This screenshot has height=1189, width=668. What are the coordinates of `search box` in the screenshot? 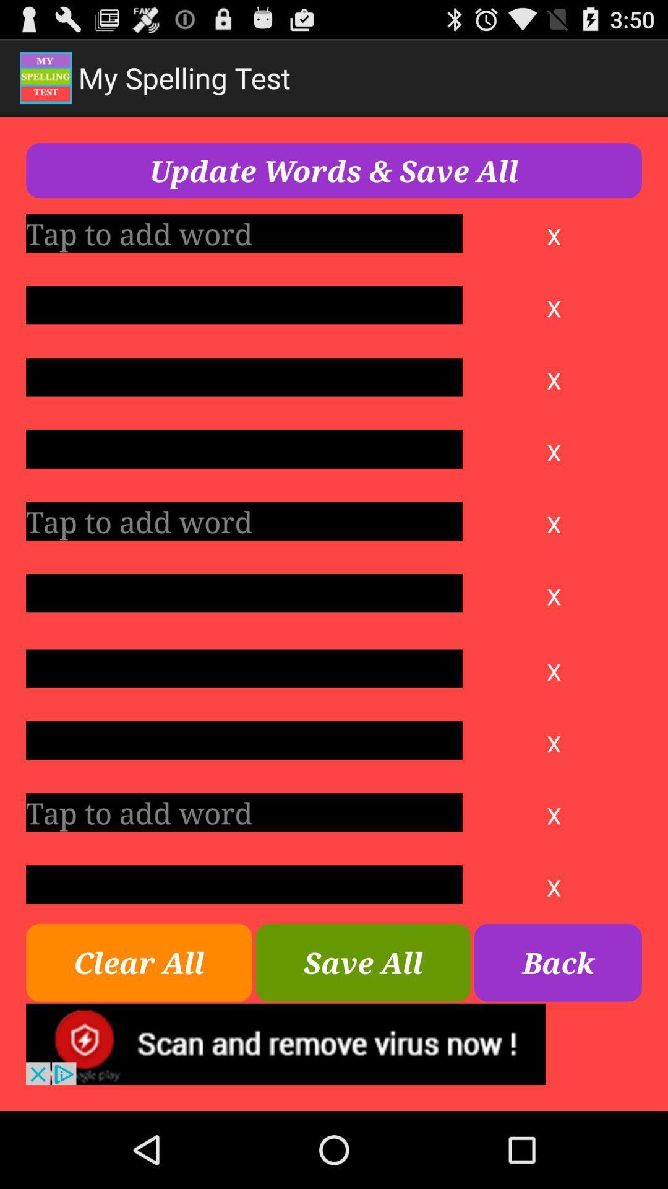 It's located at (244, 593).